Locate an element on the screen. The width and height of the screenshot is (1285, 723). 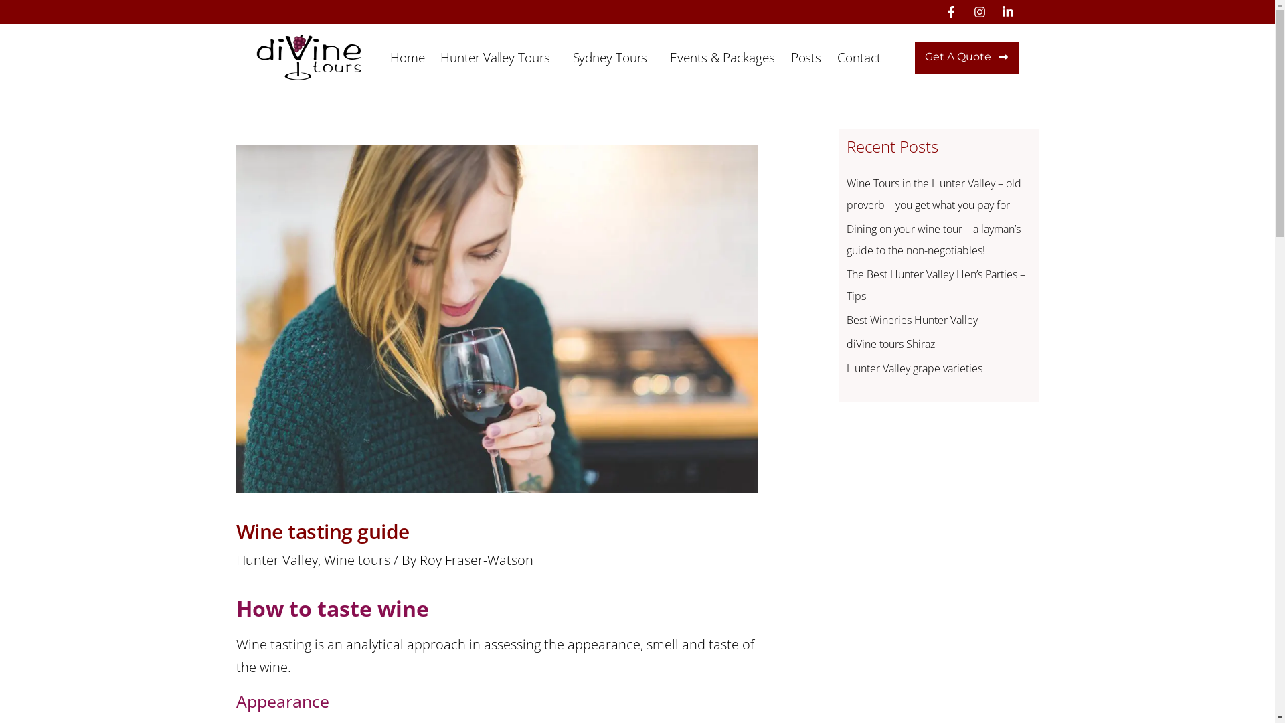
'Hunter Valley Tours' is located at coordinates (497, 56).